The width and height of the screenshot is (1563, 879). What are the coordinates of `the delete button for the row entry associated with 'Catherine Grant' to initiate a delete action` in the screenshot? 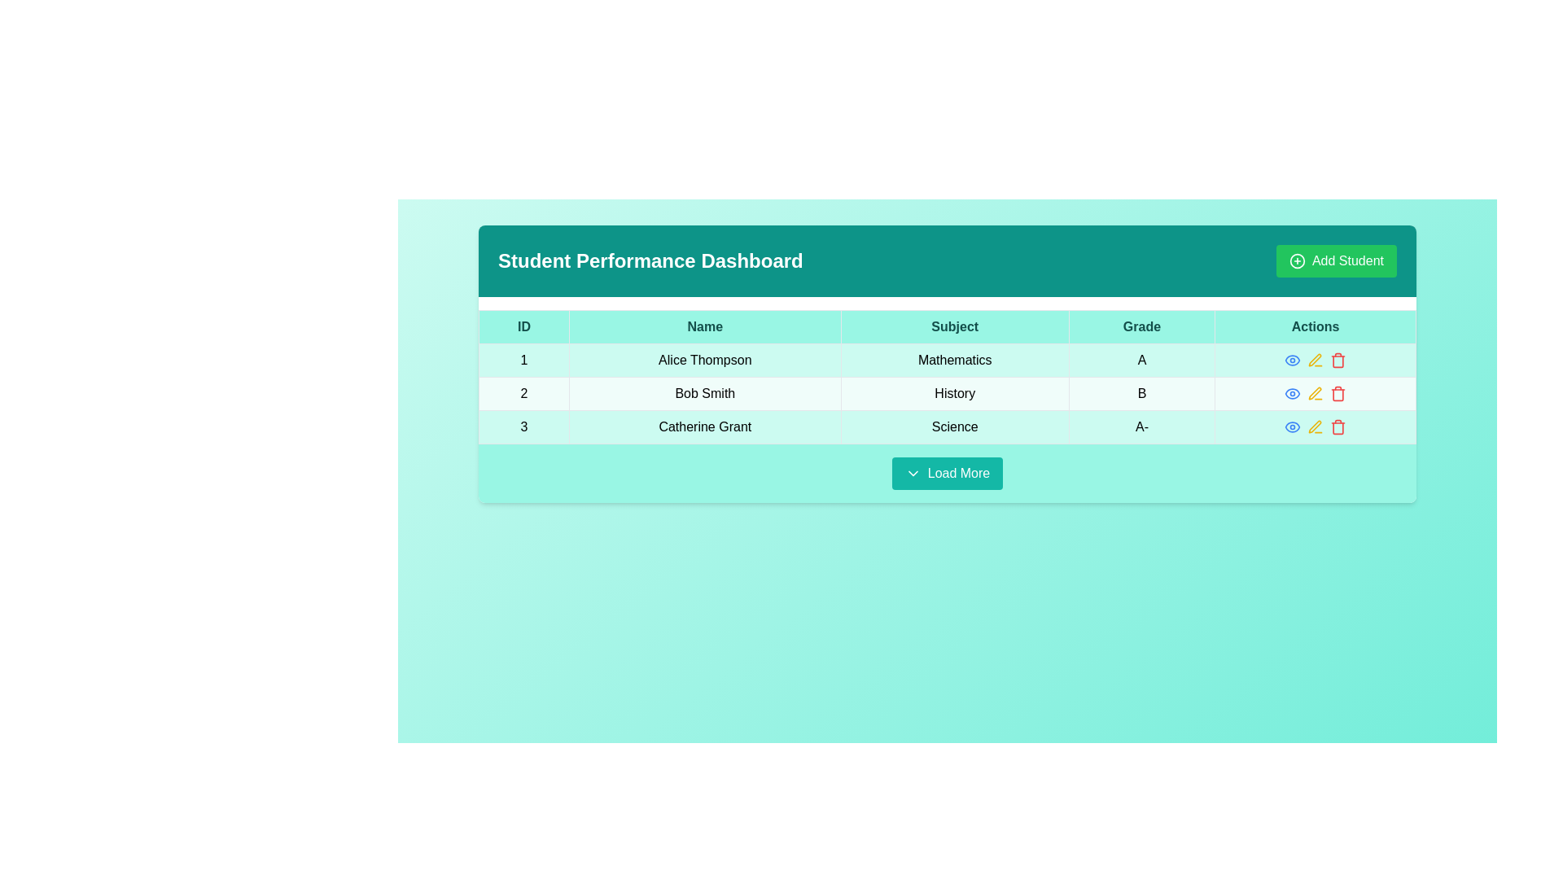 It's located at (1338, 426).